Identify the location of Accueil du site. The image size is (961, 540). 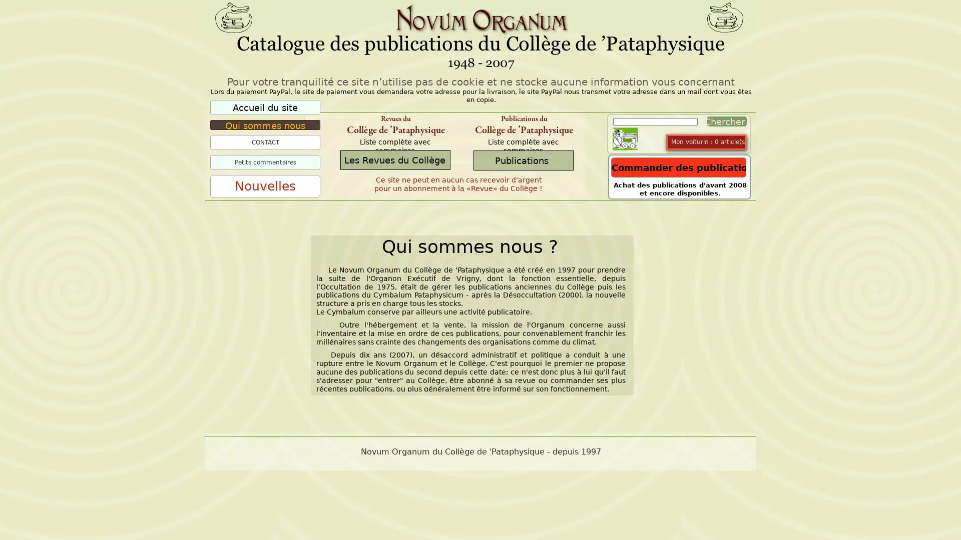
(265, 107).